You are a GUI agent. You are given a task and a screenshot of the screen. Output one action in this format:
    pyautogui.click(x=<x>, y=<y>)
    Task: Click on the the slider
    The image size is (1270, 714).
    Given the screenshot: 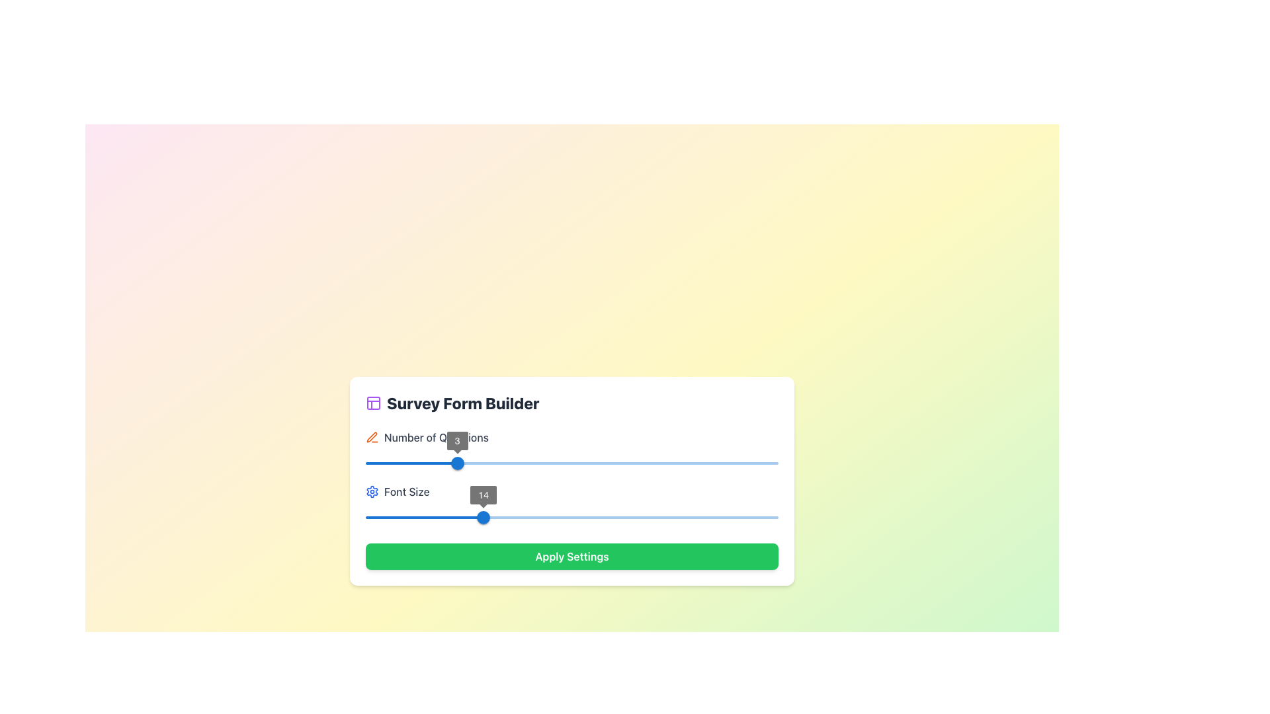 What is the action you would take?
    pyautogui.click(x=654, y=463)
    